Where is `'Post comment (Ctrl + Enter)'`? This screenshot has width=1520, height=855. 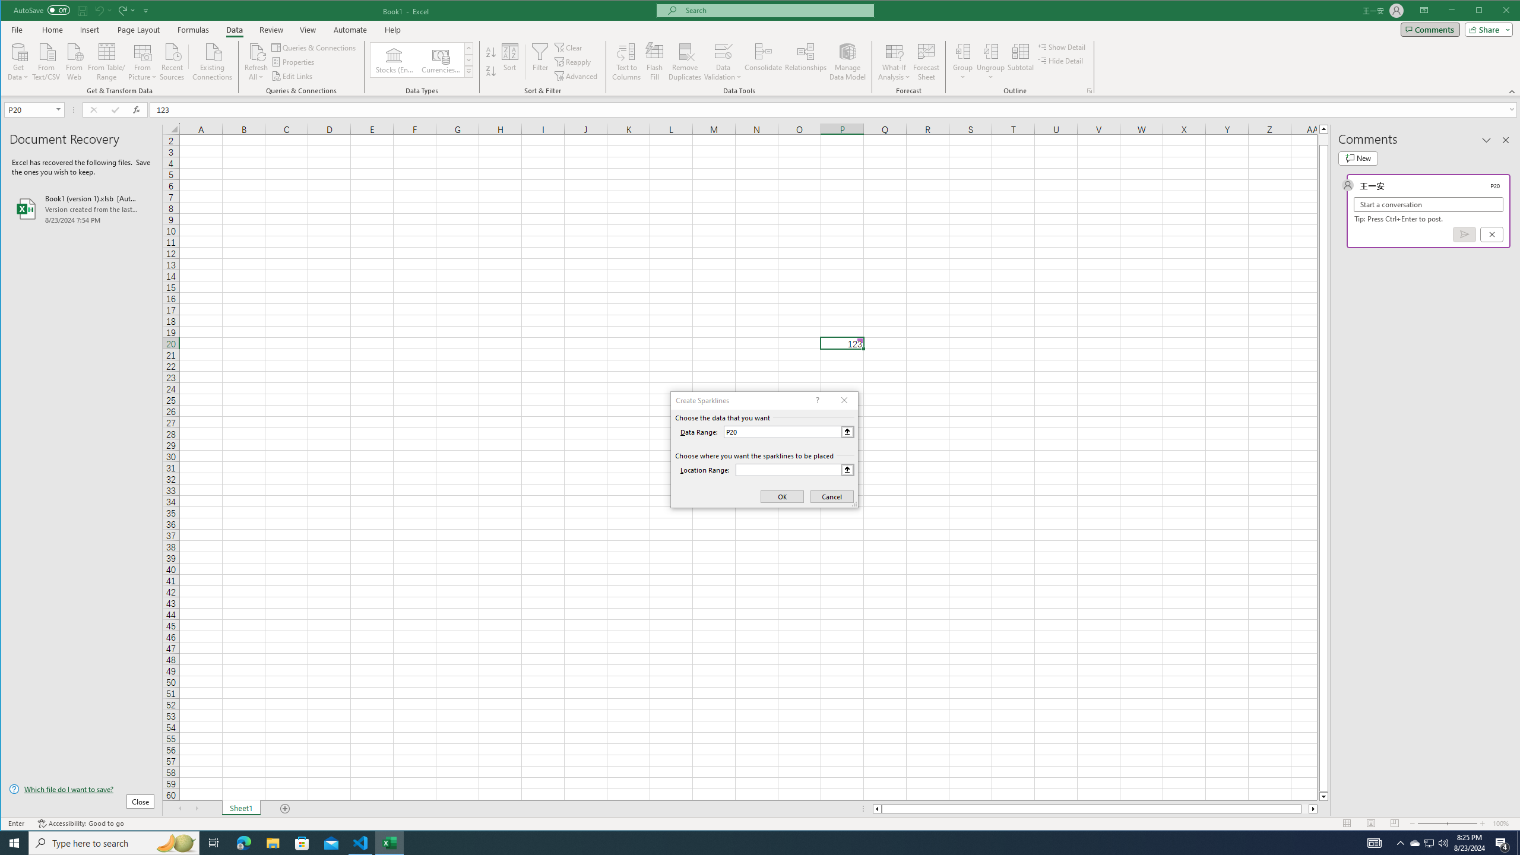
'Post comment (Ctrl + Enter)' is located at coordinates (1464, 234).